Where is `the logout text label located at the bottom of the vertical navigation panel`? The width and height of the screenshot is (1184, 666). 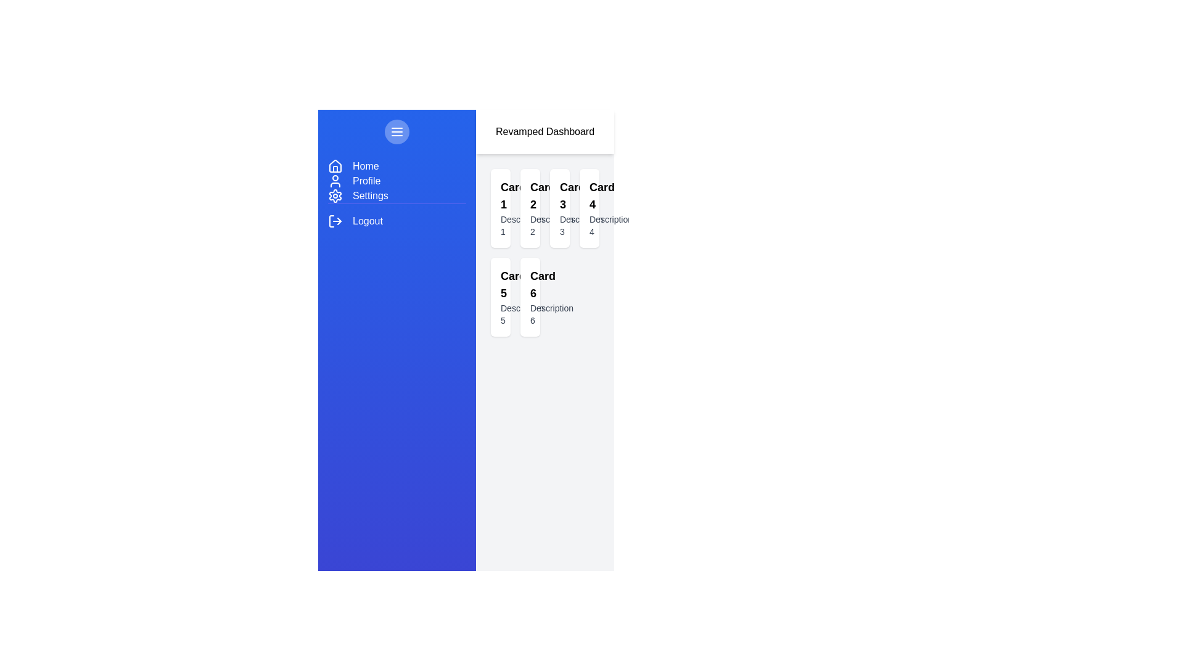 the logout text label located at the bottom of the vertical navigation panel is located at coordinates (367, 220).